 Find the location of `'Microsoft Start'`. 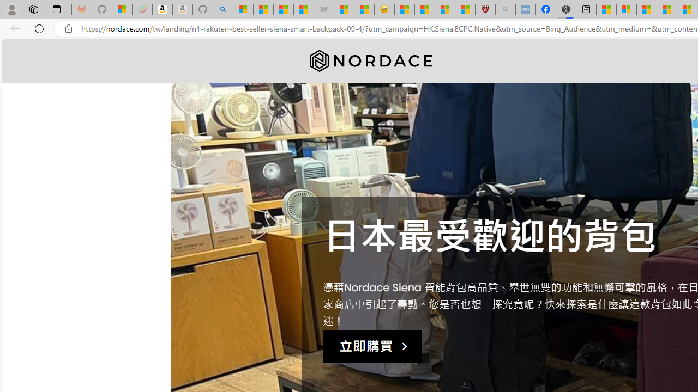

'Microsoft Start' is located at coordinates (646, 9).